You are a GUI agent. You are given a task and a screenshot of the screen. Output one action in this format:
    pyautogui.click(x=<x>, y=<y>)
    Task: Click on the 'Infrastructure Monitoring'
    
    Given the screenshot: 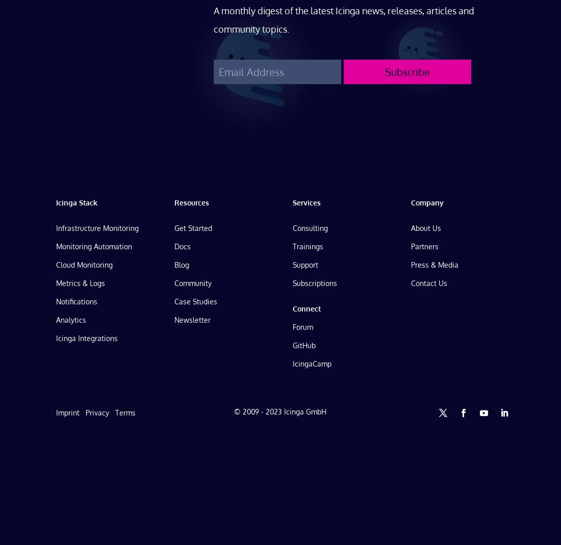 What is the action you would take?
    pyautogui.click(x=96, y=227)
    